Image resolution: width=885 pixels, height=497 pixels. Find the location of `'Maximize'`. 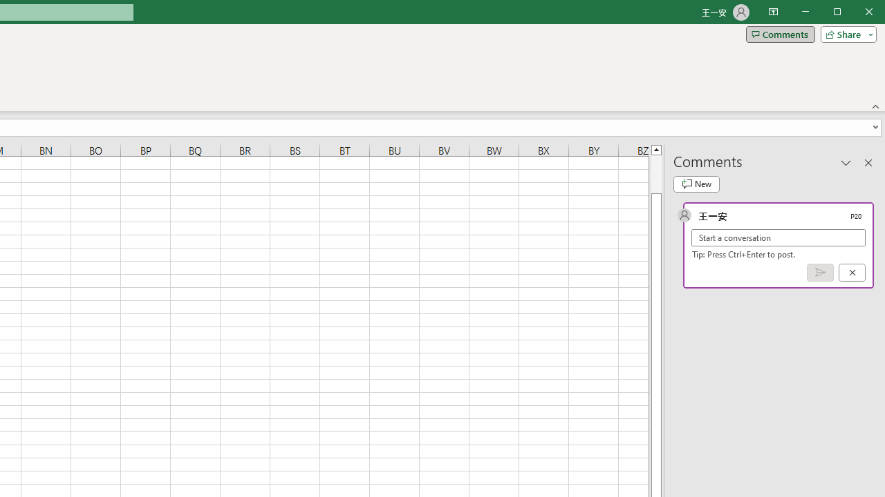

'Maximize' is located at coordinates (856, 13).